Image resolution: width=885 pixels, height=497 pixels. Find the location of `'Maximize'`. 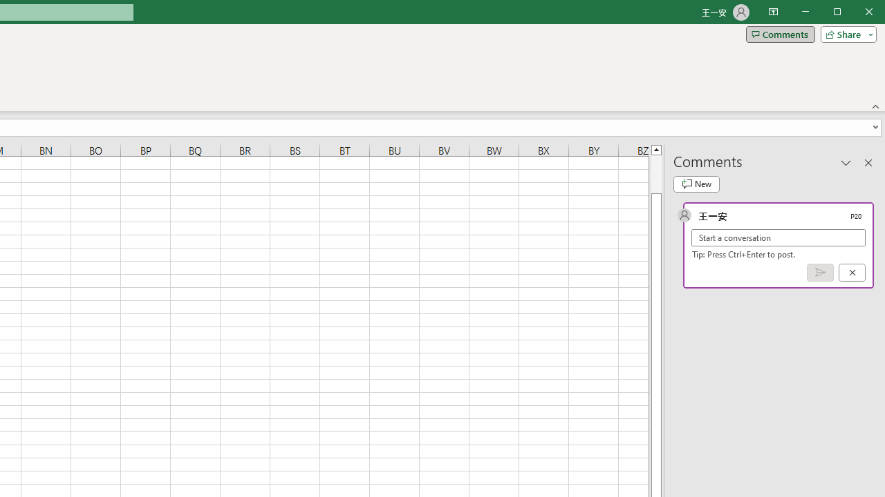

'Maximize' is located at coordinates (856, 13).